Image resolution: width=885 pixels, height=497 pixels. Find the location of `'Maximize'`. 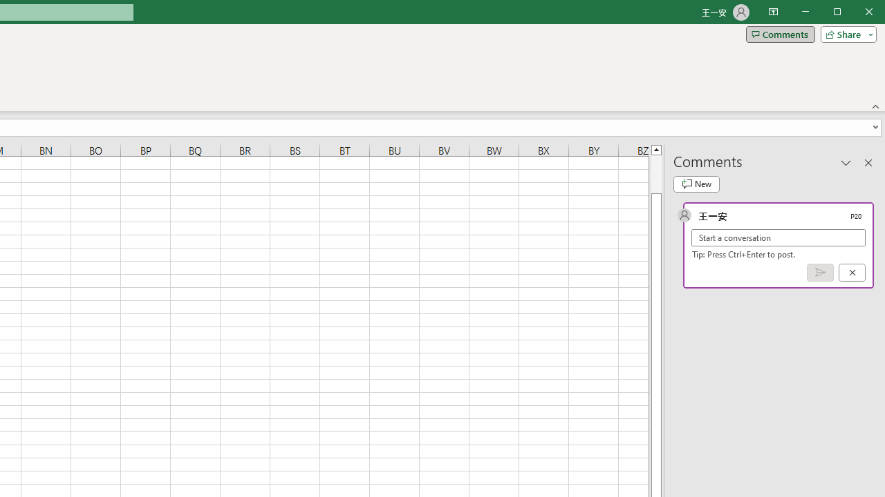

'Maximize' is located at coordinates (856, 13).